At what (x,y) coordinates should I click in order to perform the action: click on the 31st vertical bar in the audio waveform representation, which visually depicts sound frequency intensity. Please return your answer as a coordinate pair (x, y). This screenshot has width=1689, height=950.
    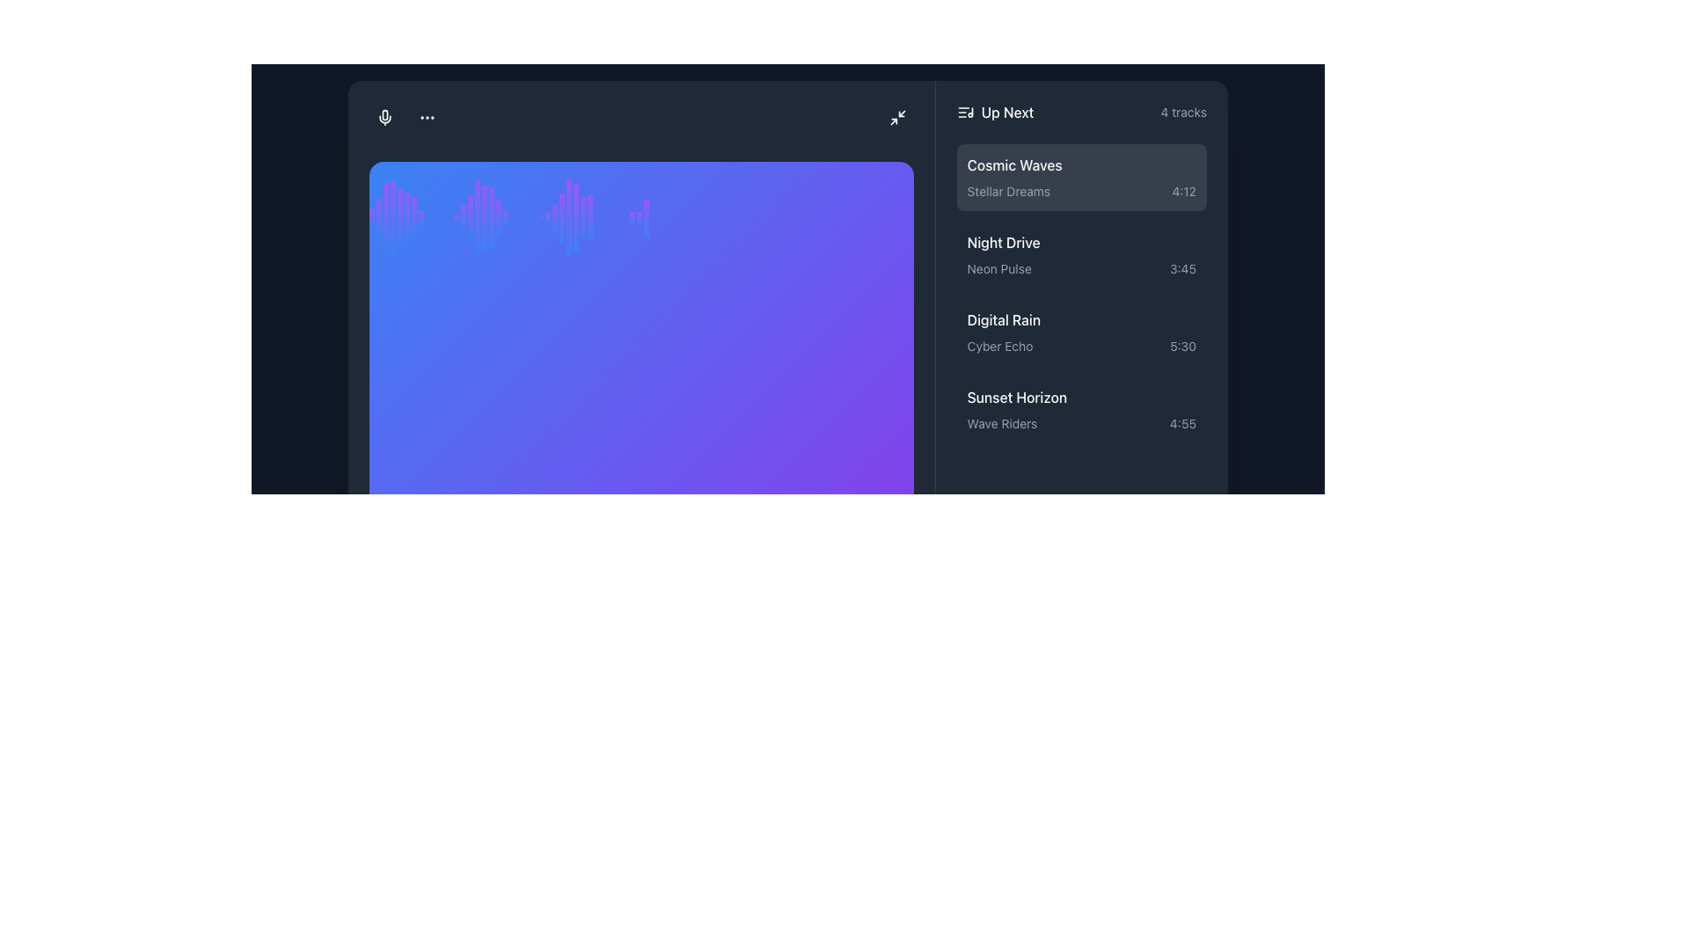
    Looking at the image, I should click on (575, 216).